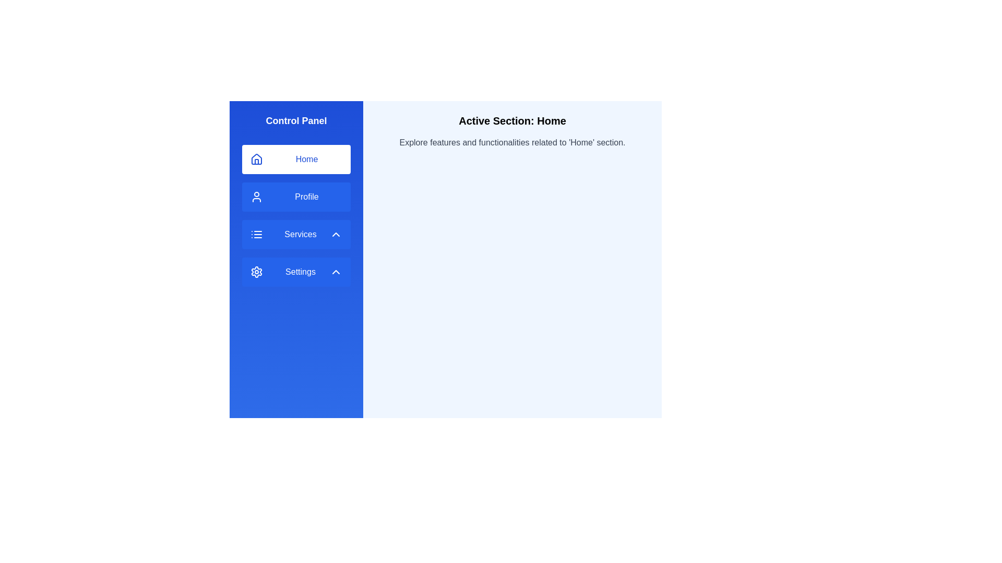 The image size is (1002, 563). Describe the element at coordinates (295, 120) in the screenshot. I see `the centered bold text label reading 'Control Panel', which is styled with a large font size and appears white on a blue gradient background` at that location.